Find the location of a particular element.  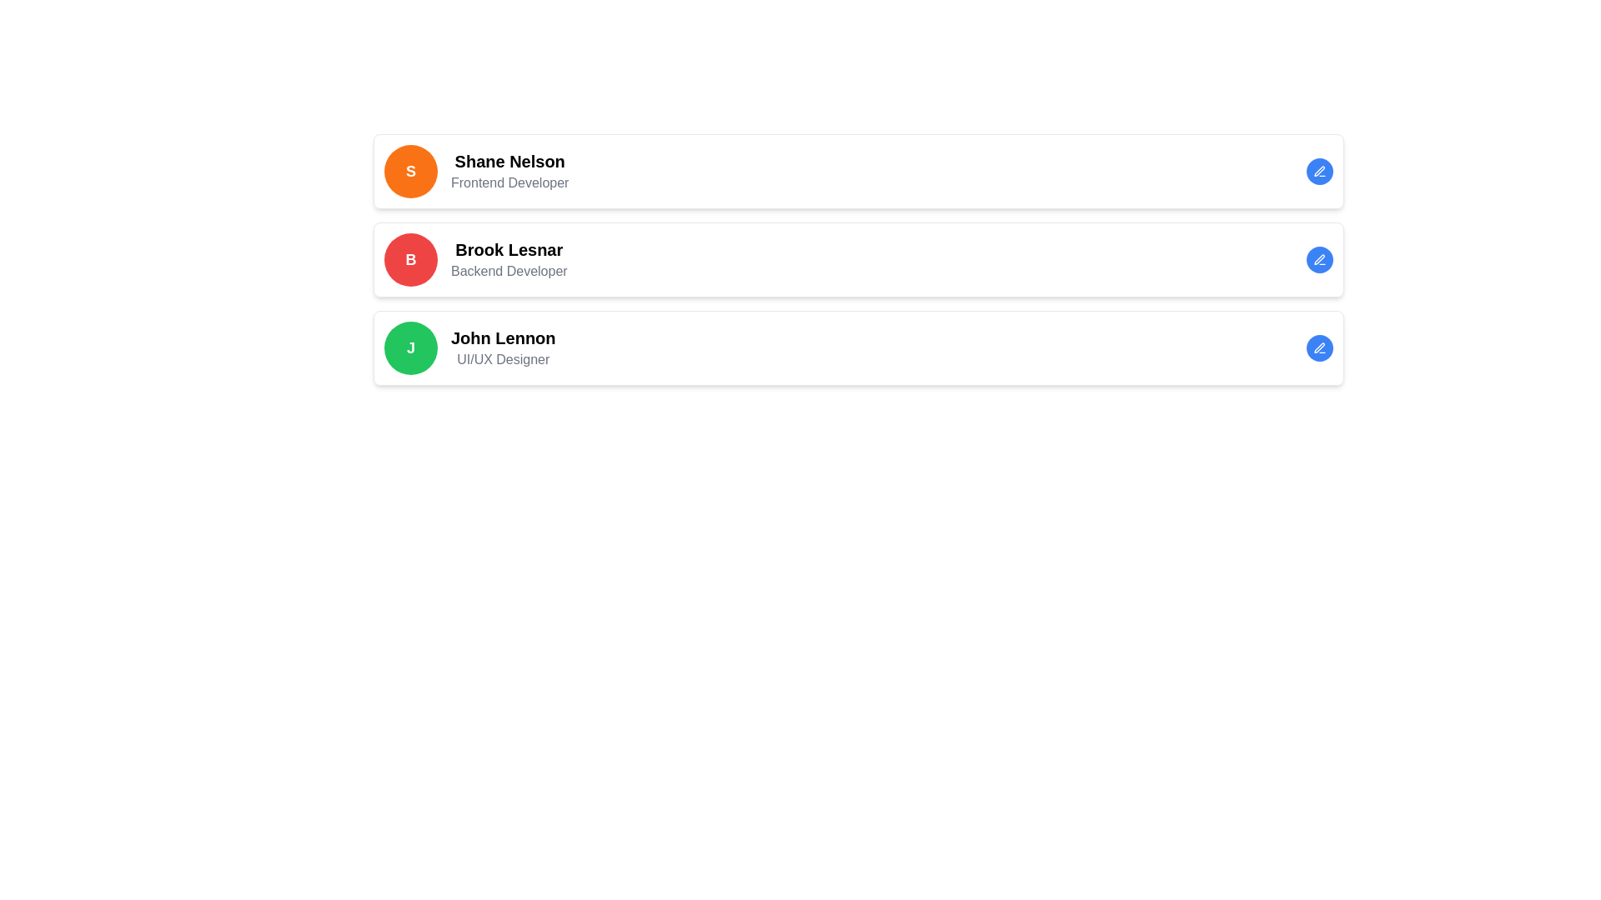

the edit button located on the far-right side of the row containing 'John Lennon' and the 'UI/UX Designer' label is located at coordinates (1319, 347).